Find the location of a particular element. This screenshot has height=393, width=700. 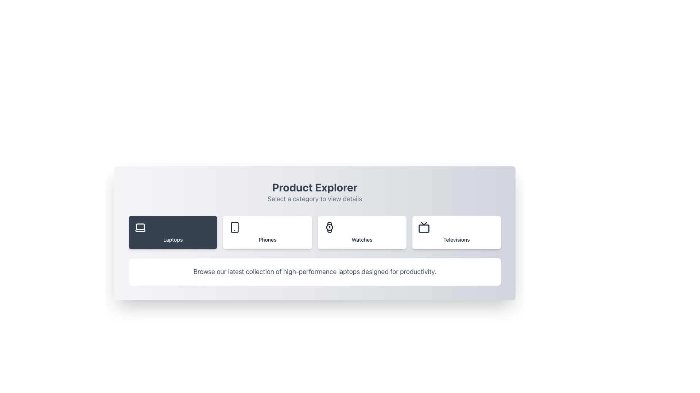

the TV icon within the 'Televisions' card is located at coordinates (424, 227).